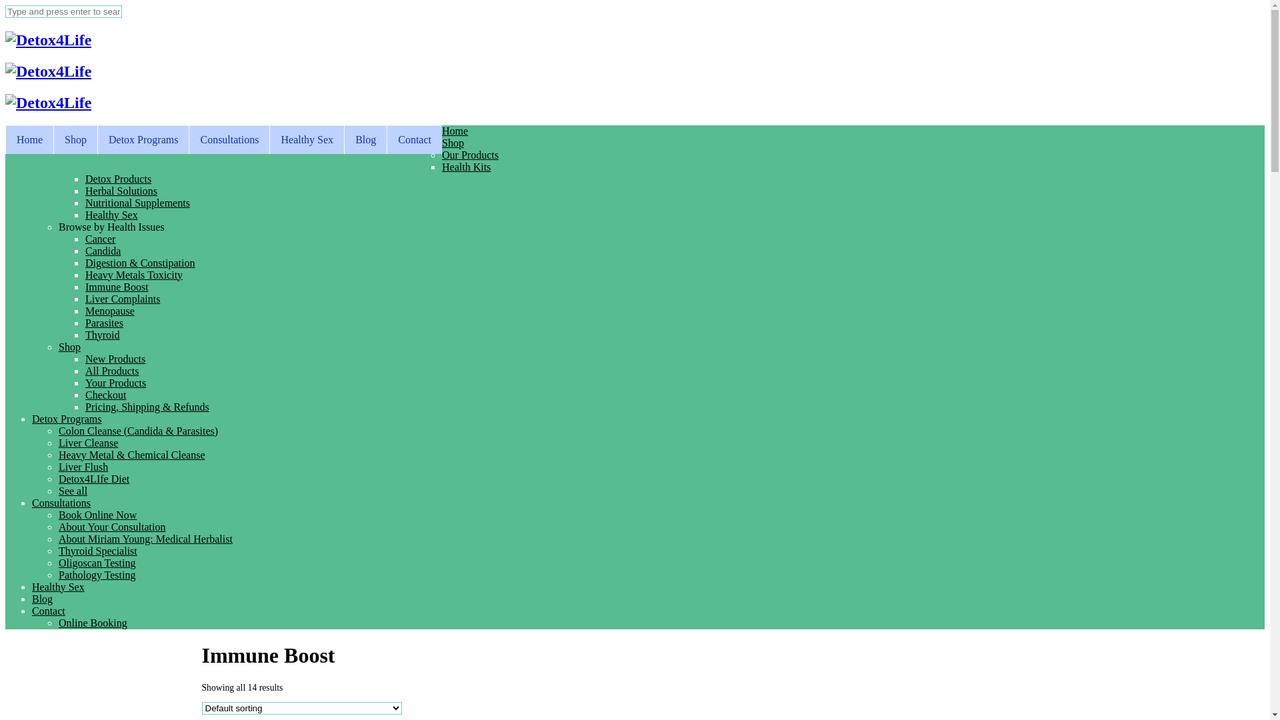  What do you see at coordinates (147, 406) in the screenshot?
I see `'Pricing, Shipping & Refunds'` at bounding box center [147, 406].